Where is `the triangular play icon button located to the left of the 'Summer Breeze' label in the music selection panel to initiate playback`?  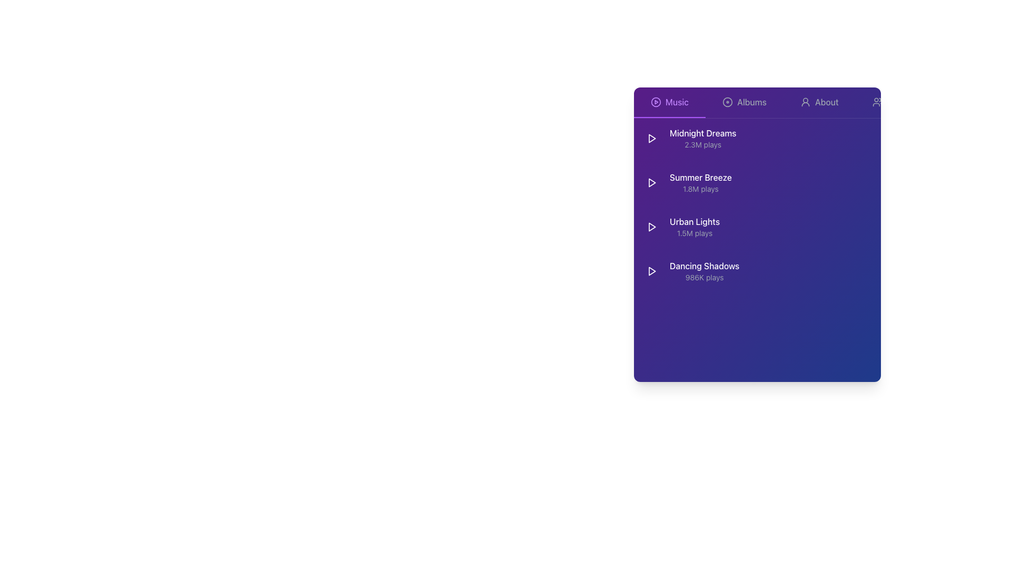 the triangular play icon button located to the left of the 'Summer Breeze' label in the music selection panel to initiate playback is located at coordinates (651, 182).